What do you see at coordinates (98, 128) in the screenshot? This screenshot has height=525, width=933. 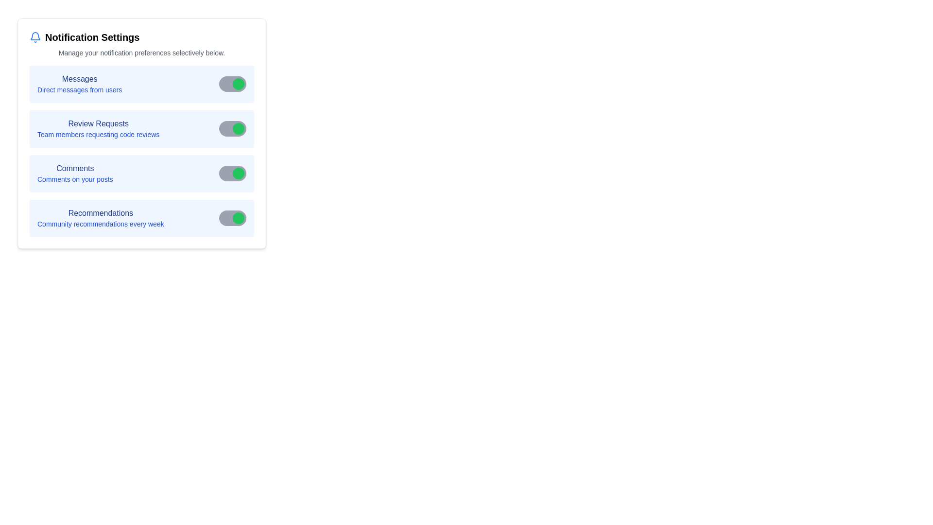 I see `the text display element titled 'Review Requests' which contains a subtitle 'Team members requesting code reviews'. This element is positioned between the 'Messages' and 'Comments' sections in the notification settings list` at bounding box center [98, 128].